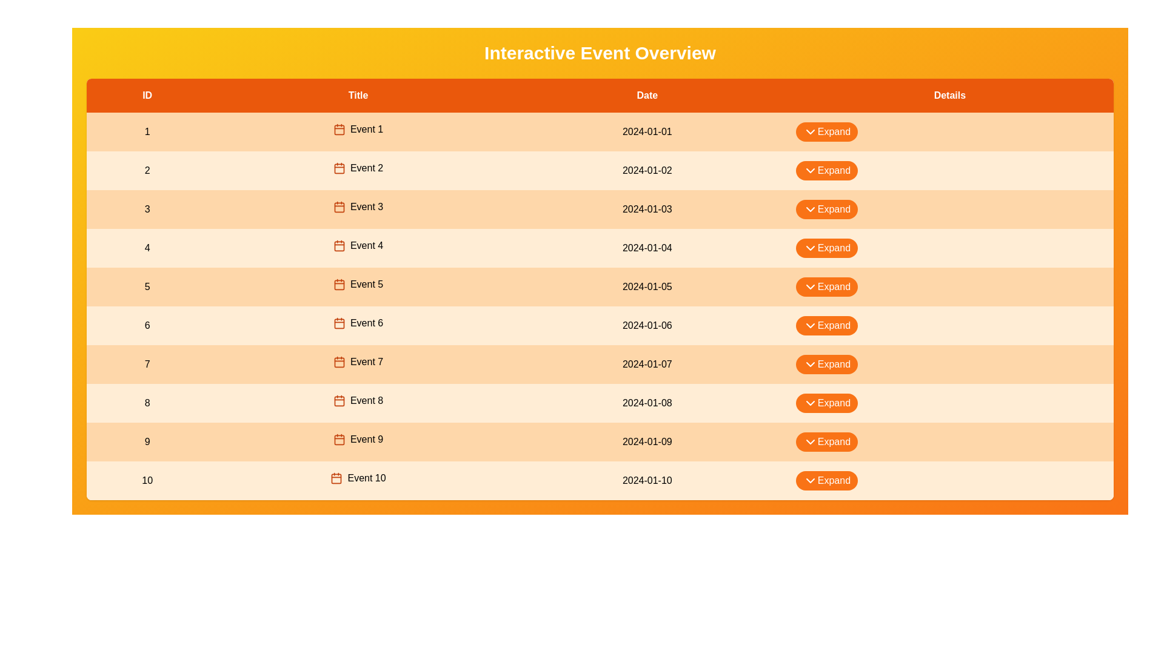  Describe the element at coordinates (357, 95) in the screenshot. I see `the column header Title to sort or highlight it` at that location.